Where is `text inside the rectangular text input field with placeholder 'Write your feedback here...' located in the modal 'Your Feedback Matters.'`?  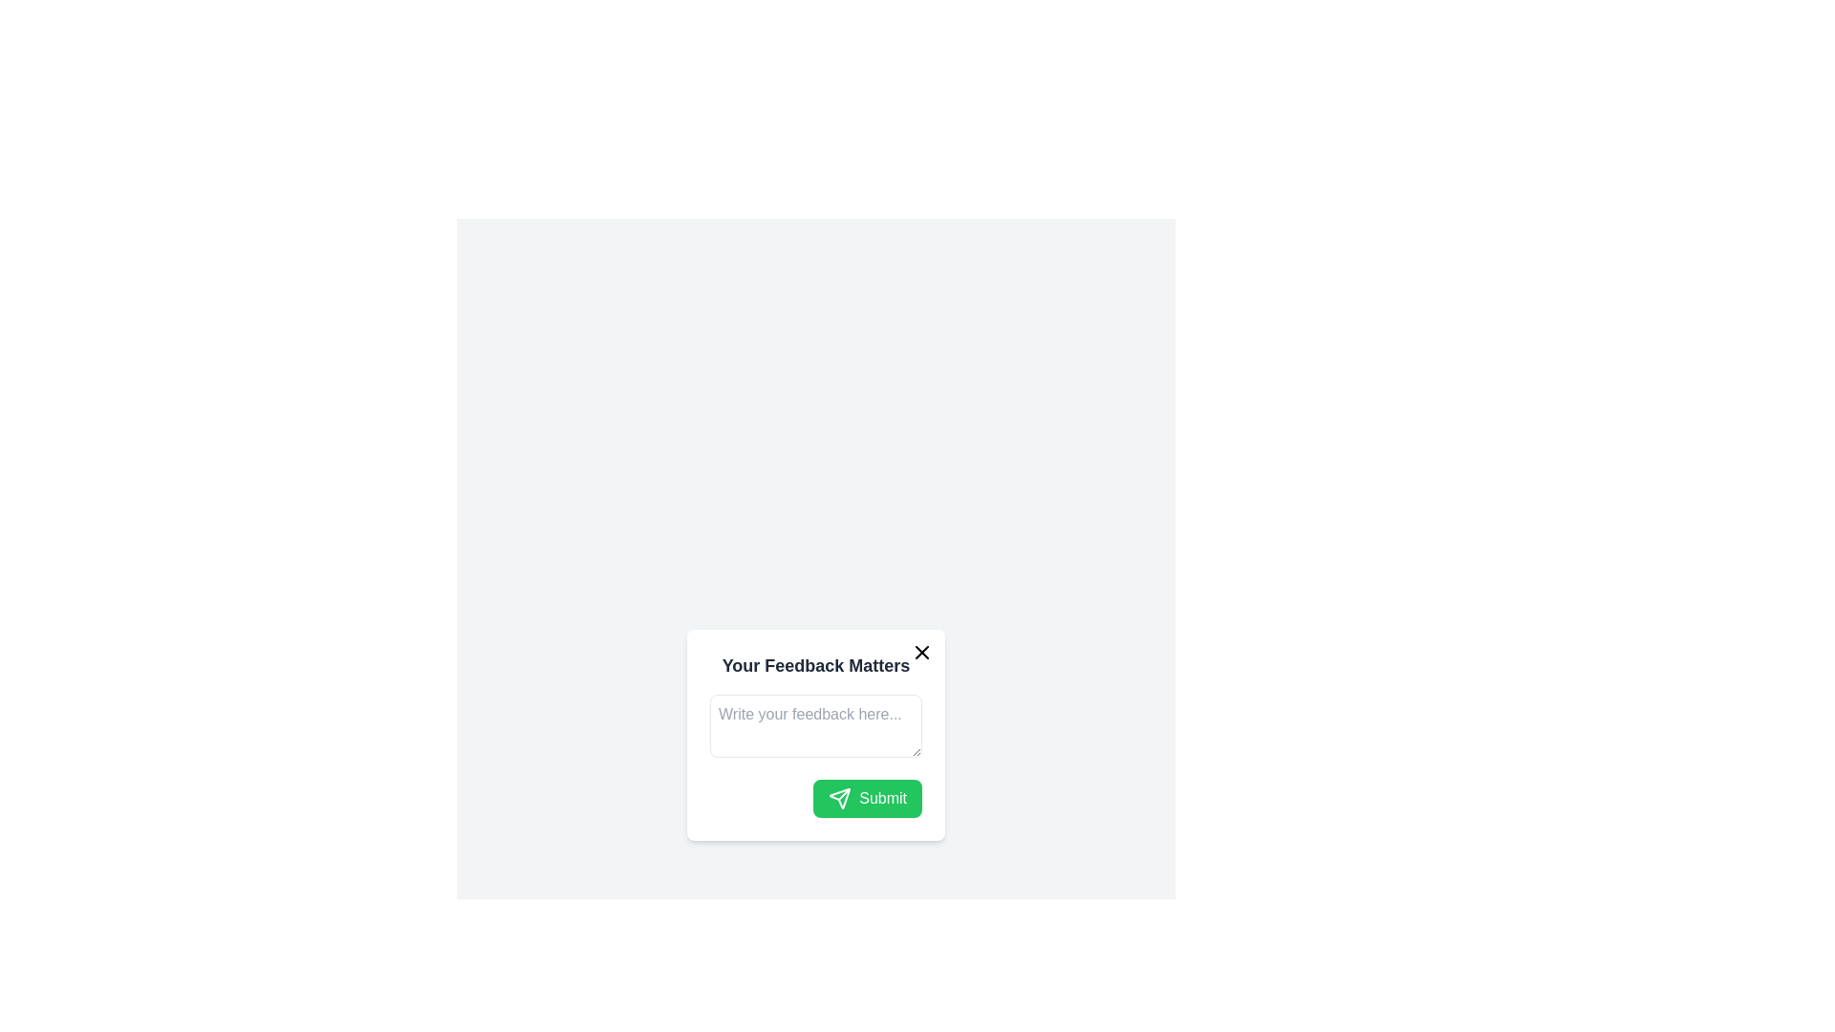 text inside the rectangular text input field with placeholder 'Write your feedback here...' located in the modal 'Your Feedback Matters.' is located at coordinates (816, 725).